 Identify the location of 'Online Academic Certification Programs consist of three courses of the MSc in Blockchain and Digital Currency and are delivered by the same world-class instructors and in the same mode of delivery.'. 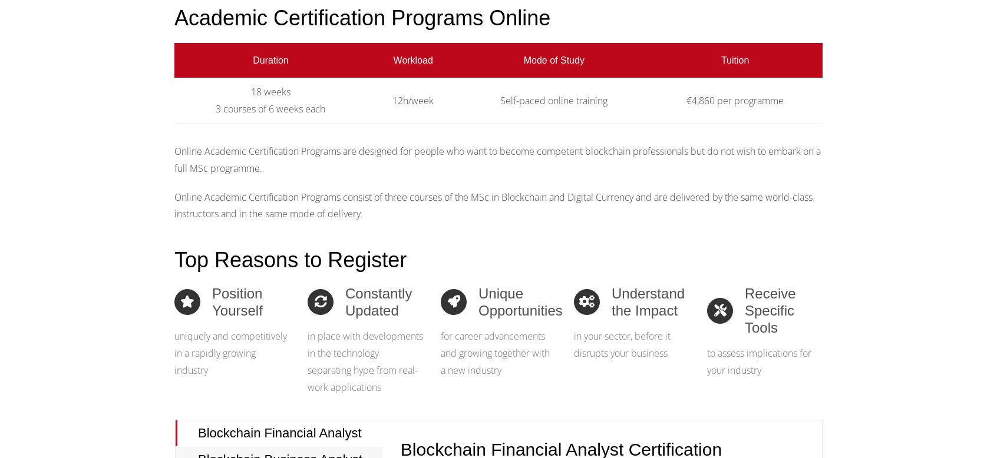
(493, 204).